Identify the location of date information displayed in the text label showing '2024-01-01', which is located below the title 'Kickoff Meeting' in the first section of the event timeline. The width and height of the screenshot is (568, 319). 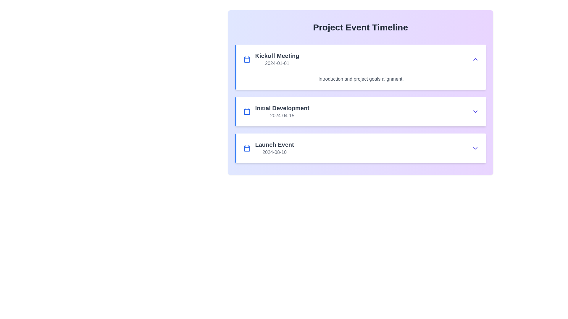
(277, 64).